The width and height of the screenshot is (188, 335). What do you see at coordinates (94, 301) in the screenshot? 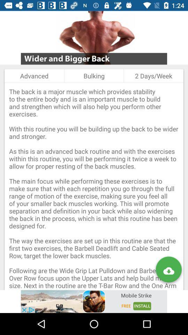
I see `mobile strike advertisement website` at bounding box center [94, 301].